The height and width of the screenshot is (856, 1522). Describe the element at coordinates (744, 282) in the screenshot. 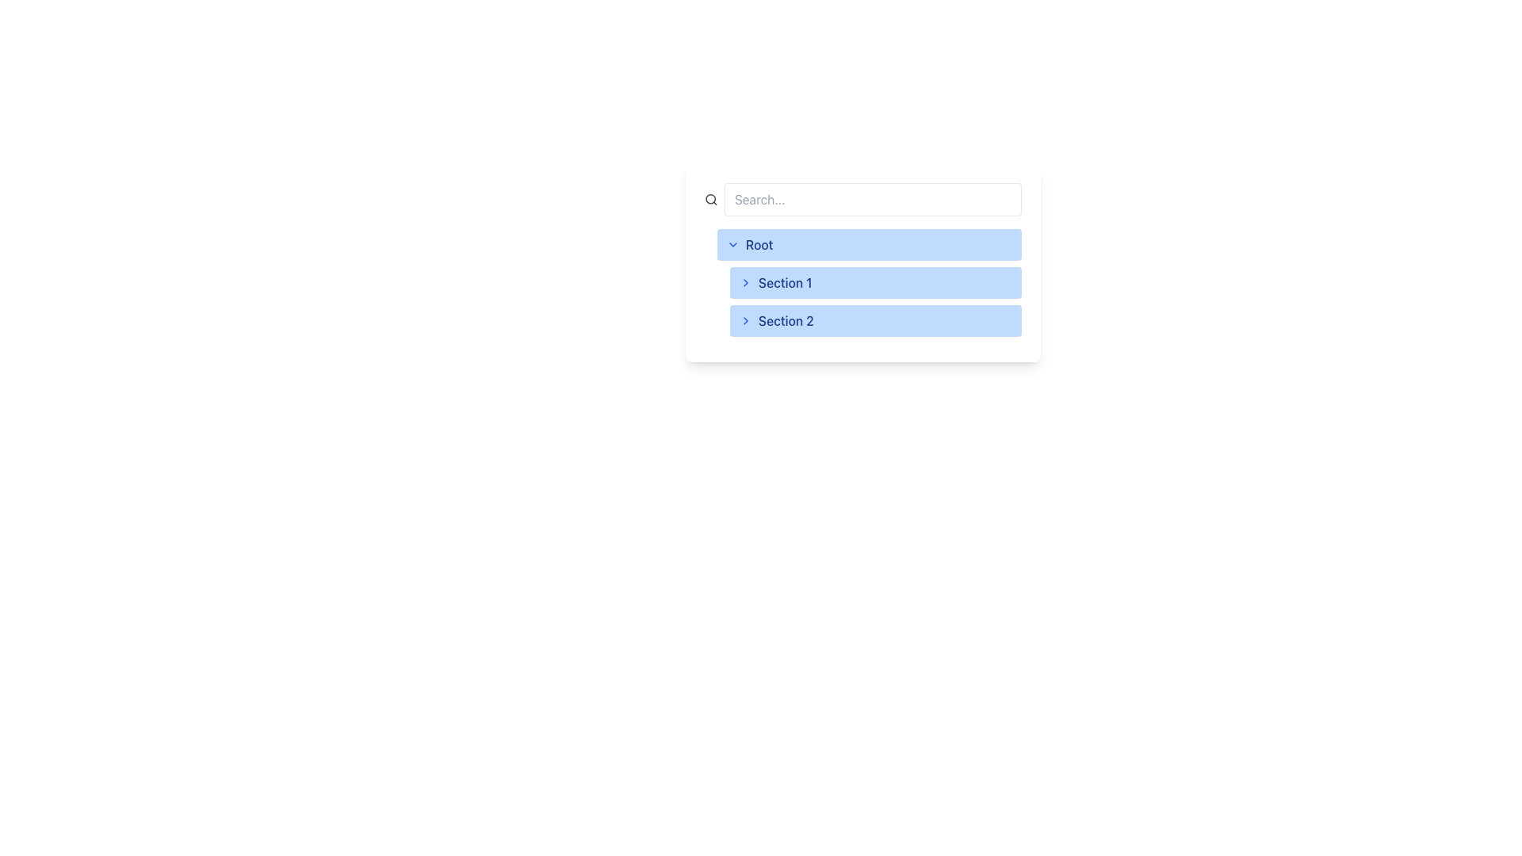

I see `the blue rightward-facing chevron icon next to the text 'Section 1'` at that location.